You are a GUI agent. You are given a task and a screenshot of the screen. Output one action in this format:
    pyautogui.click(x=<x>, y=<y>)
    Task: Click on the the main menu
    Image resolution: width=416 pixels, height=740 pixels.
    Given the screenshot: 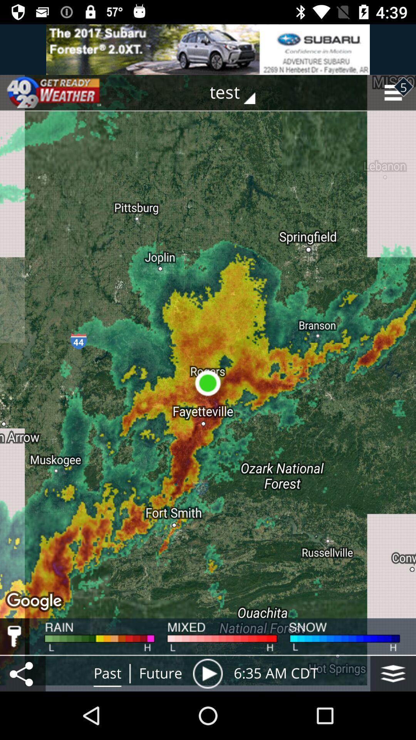 What is the action you would take?
    pyautogui.click(x=393, y=673)
    